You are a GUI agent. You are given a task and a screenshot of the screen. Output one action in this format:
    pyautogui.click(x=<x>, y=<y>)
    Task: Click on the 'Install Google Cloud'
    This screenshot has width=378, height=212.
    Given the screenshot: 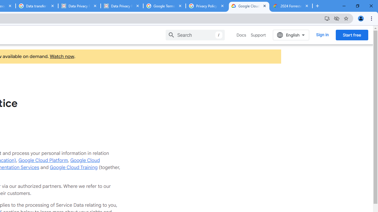 What is the action you would take?
    pyautogui.click(x=327, y=18)
    